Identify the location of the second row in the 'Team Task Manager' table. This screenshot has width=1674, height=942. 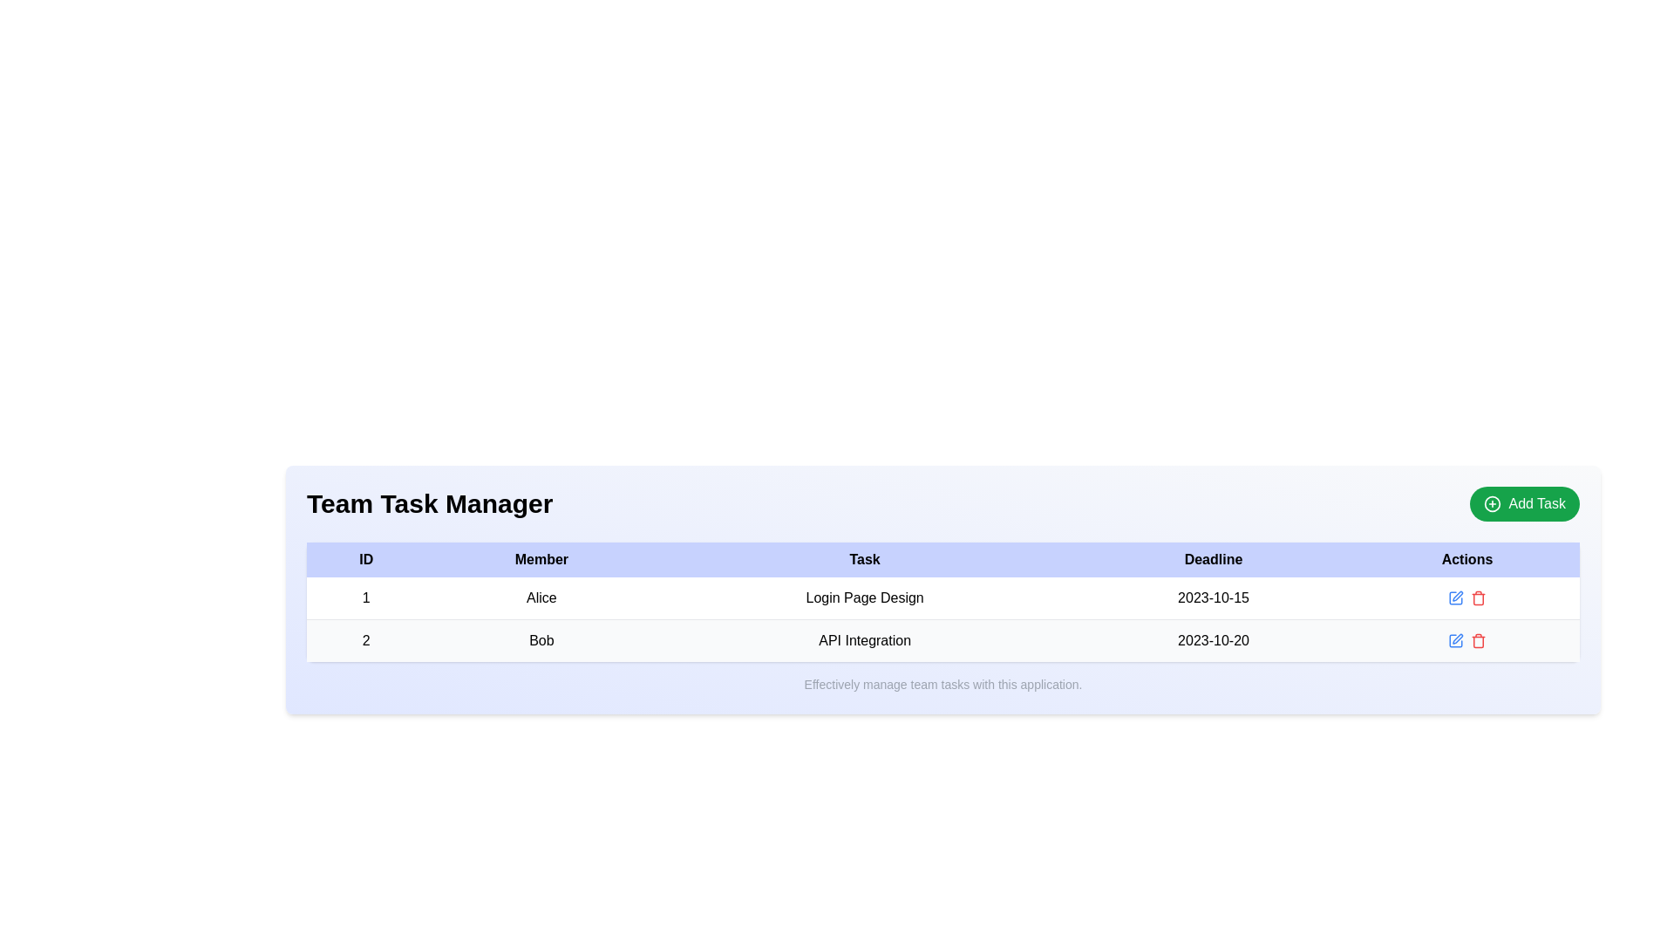
(942, 639).